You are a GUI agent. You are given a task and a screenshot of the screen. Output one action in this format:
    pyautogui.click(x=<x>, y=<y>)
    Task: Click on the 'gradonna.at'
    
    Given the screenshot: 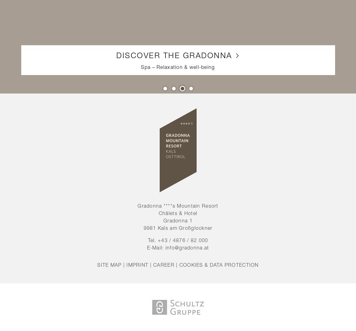 What is the action you would take?
    pyautogui.click(x=194, y=247)
    